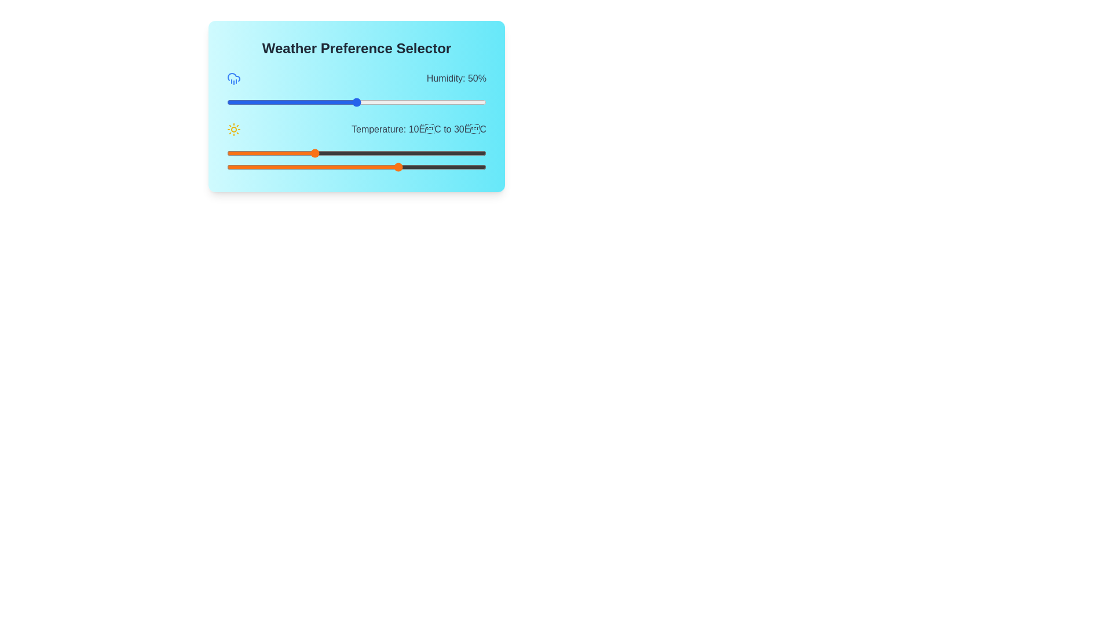 The height and width of the screenshot is (625, 1112). I want to click on the minimum temperature preference to 37°C using the first orange slider, so click(429, 153).